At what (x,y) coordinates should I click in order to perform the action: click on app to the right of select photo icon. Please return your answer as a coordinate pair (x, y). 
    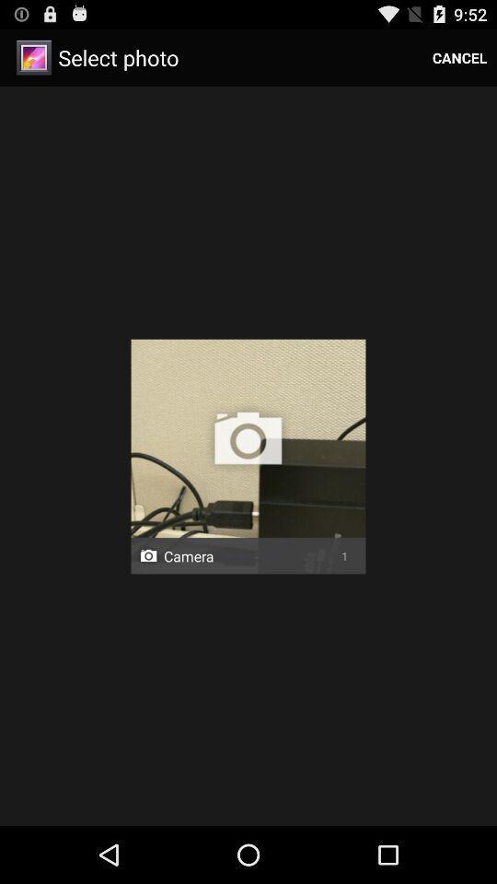
    Looking at the image, I should click on (458, 57).